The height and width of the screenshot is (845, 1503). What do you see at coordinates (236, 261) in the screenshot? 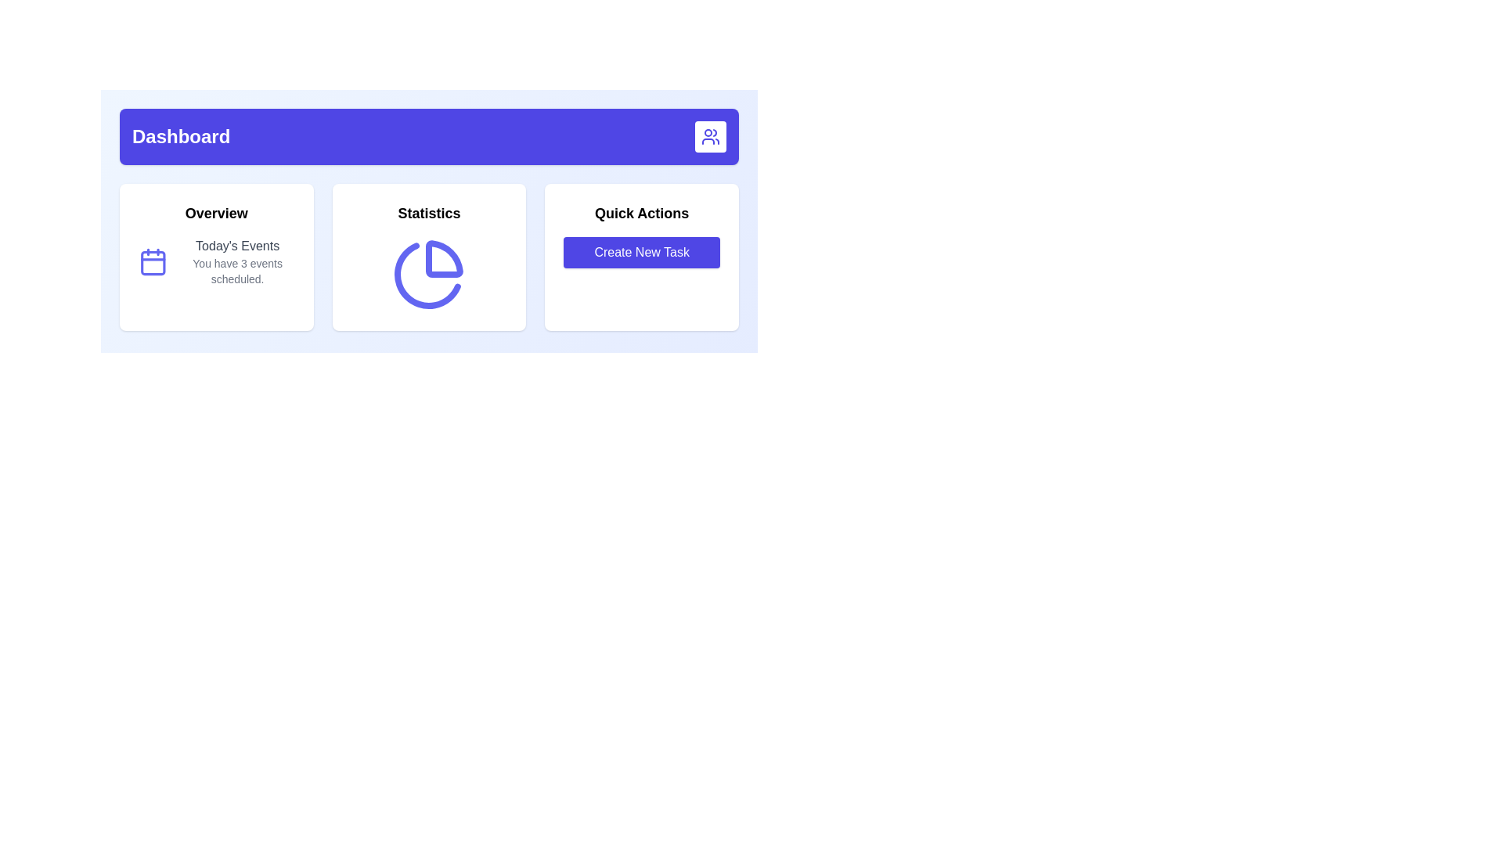
I see `the static informational text block titled 'Today's Events' which displays the message 'You have 3 events scheduled.'` at bounding box center [236, 261].